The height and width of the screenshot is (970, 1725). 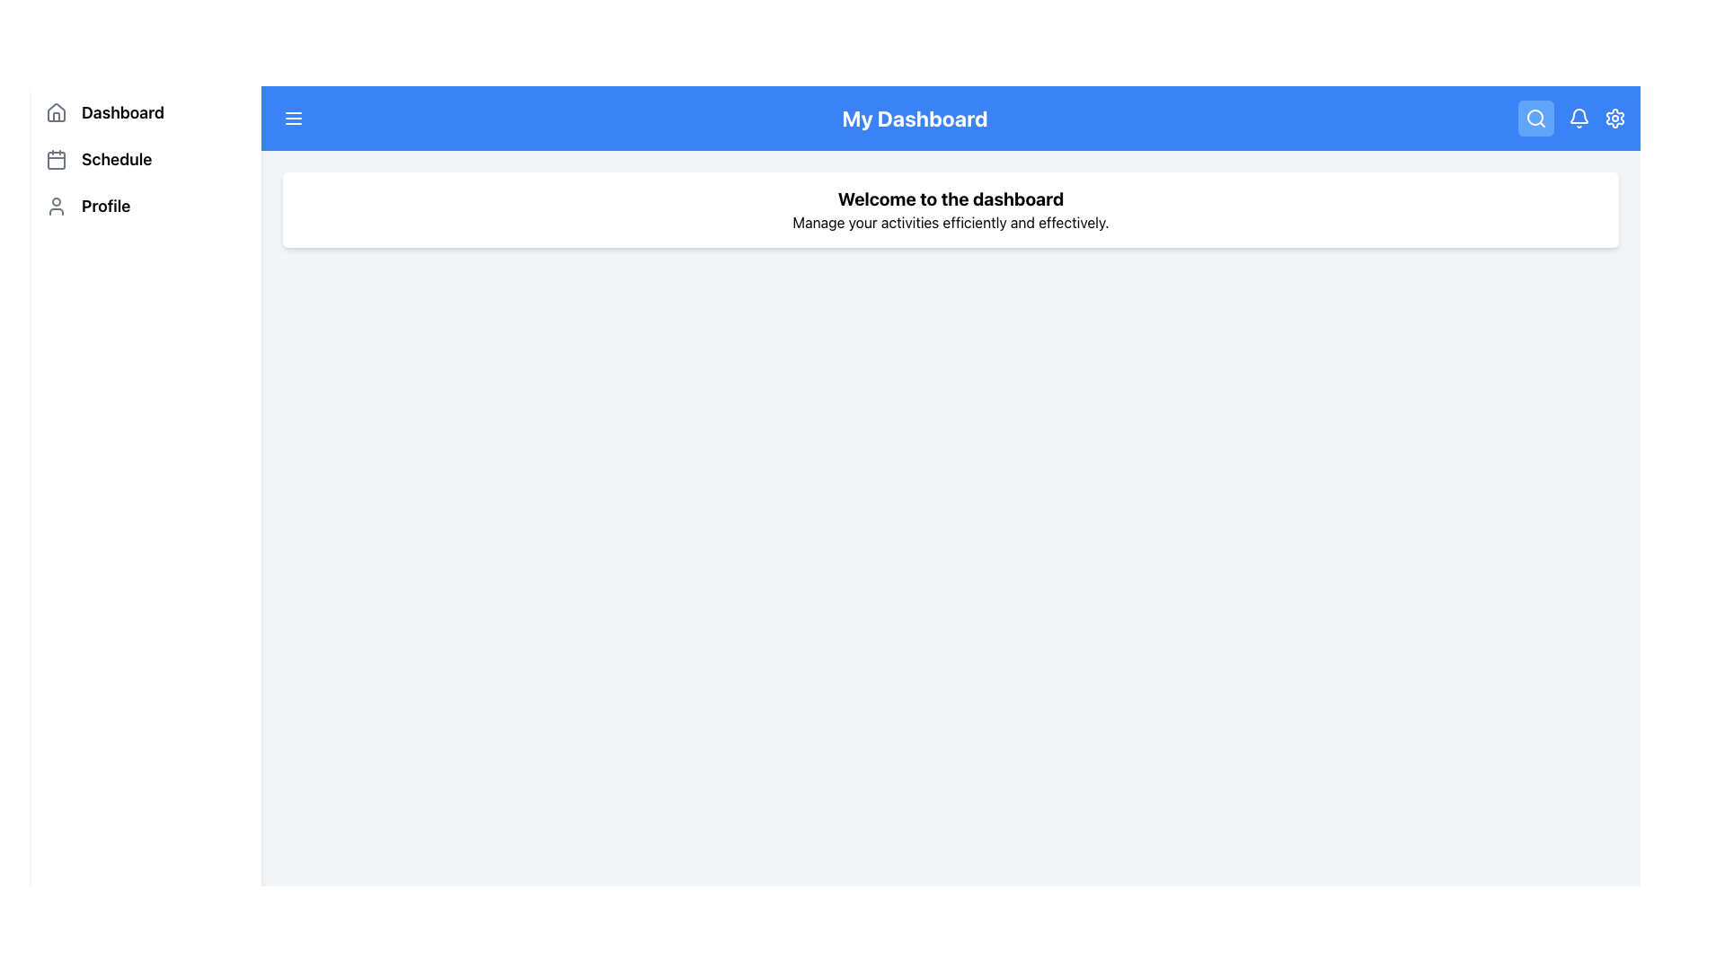 I want to click on the calendar icon, which has a square outline and a grid-like structure, located beside the text 'Schedule' in the vertical navigation bar, so click(x=56, y=158).